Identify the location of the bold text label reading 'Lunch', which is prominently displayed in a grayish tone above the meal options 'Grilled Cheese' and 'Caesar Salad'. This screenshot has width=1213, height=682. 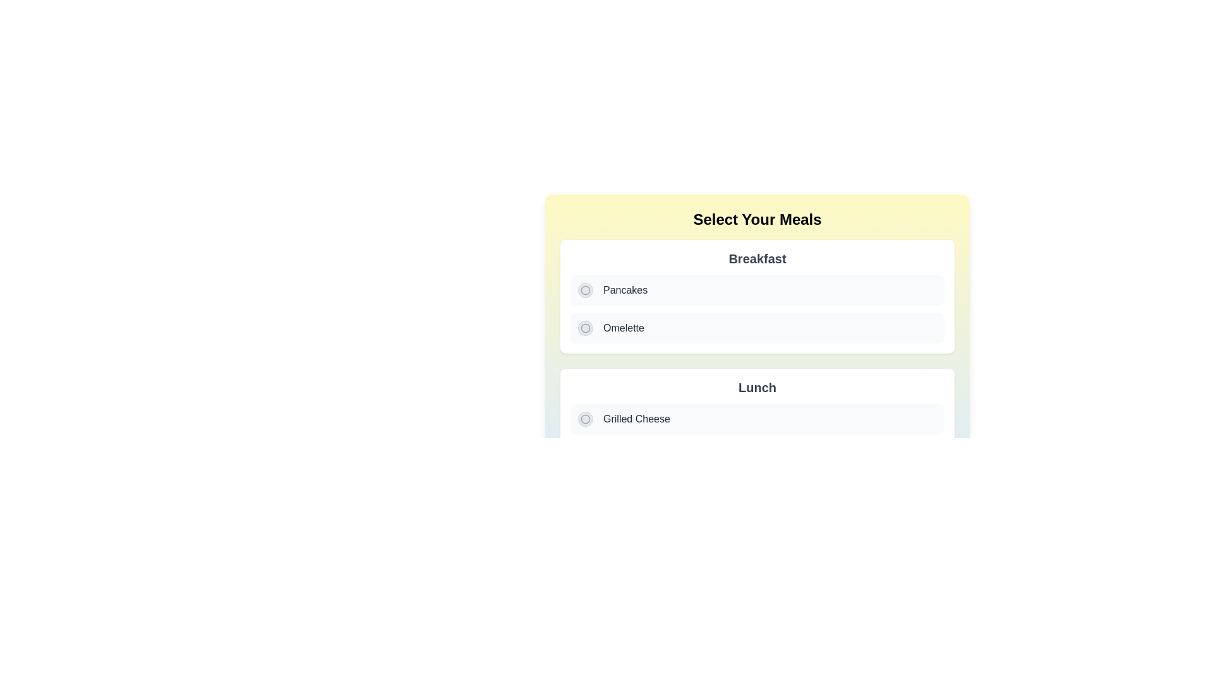
(757, 386).